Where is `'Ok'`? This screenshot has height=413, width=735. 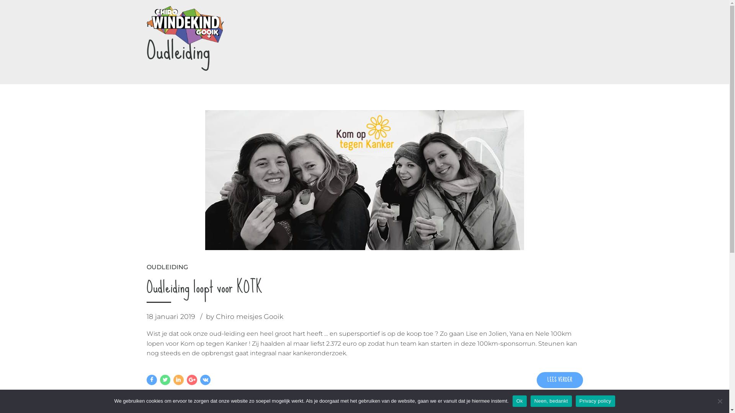
'Ok' is located at coordinates (519, 401).